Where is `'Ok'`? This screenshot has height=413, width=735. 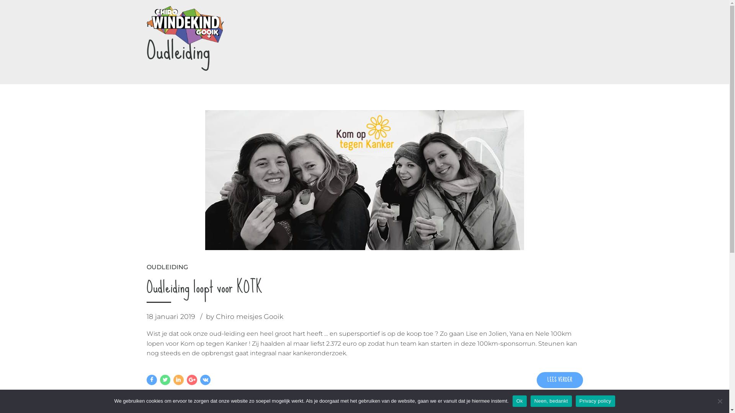
'Ok' is located at coordinates (519, 401).